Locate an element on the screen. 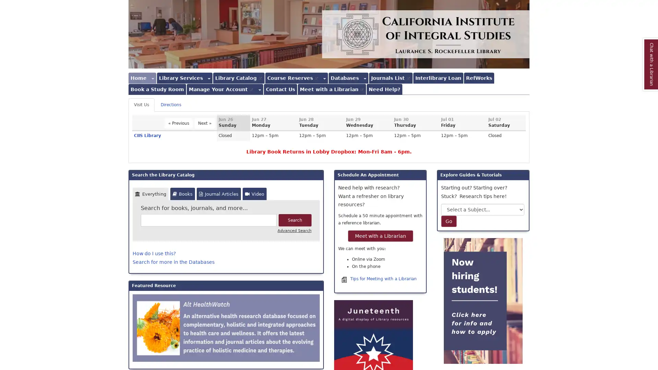 Image resolution: width=658 pixels, height=370 pixels. Meet with a Librarian is located at coordinates (380, 235).